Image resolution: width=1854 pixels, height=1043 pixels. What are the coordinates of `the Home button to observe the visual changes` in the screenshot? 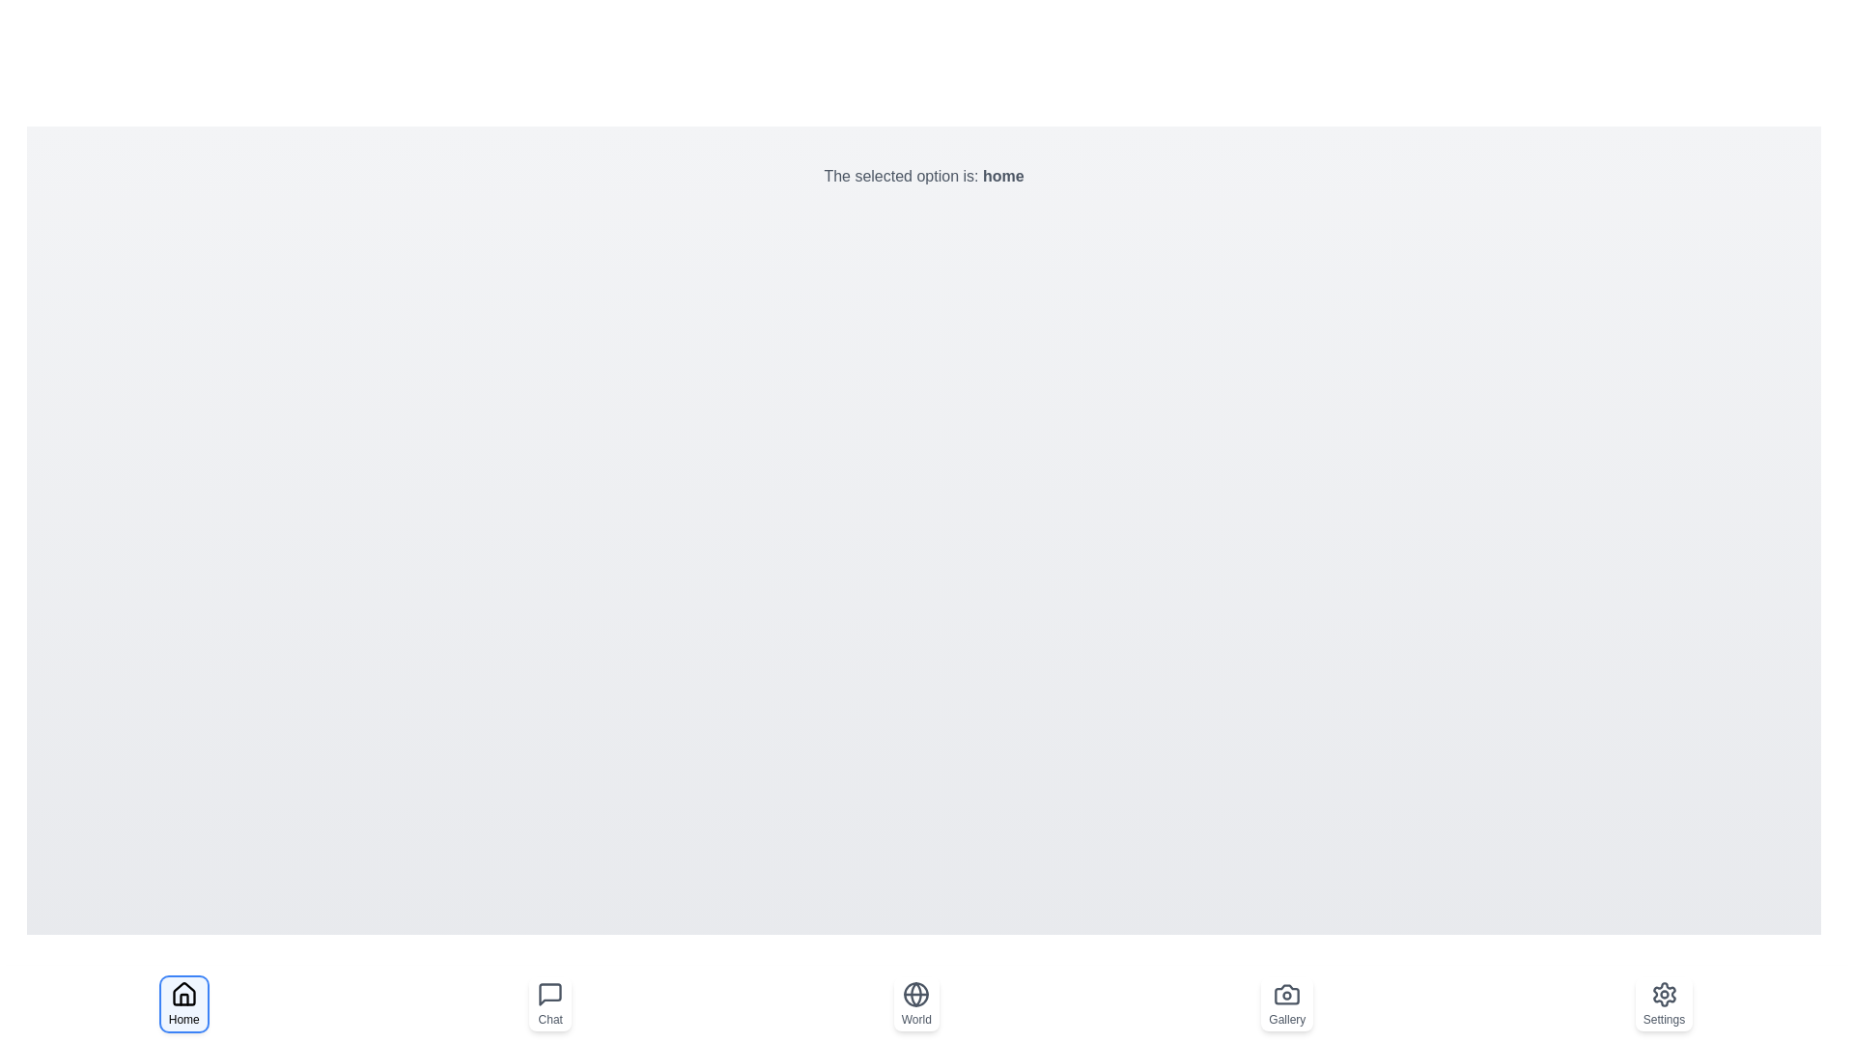 It's located at (183, 1003).